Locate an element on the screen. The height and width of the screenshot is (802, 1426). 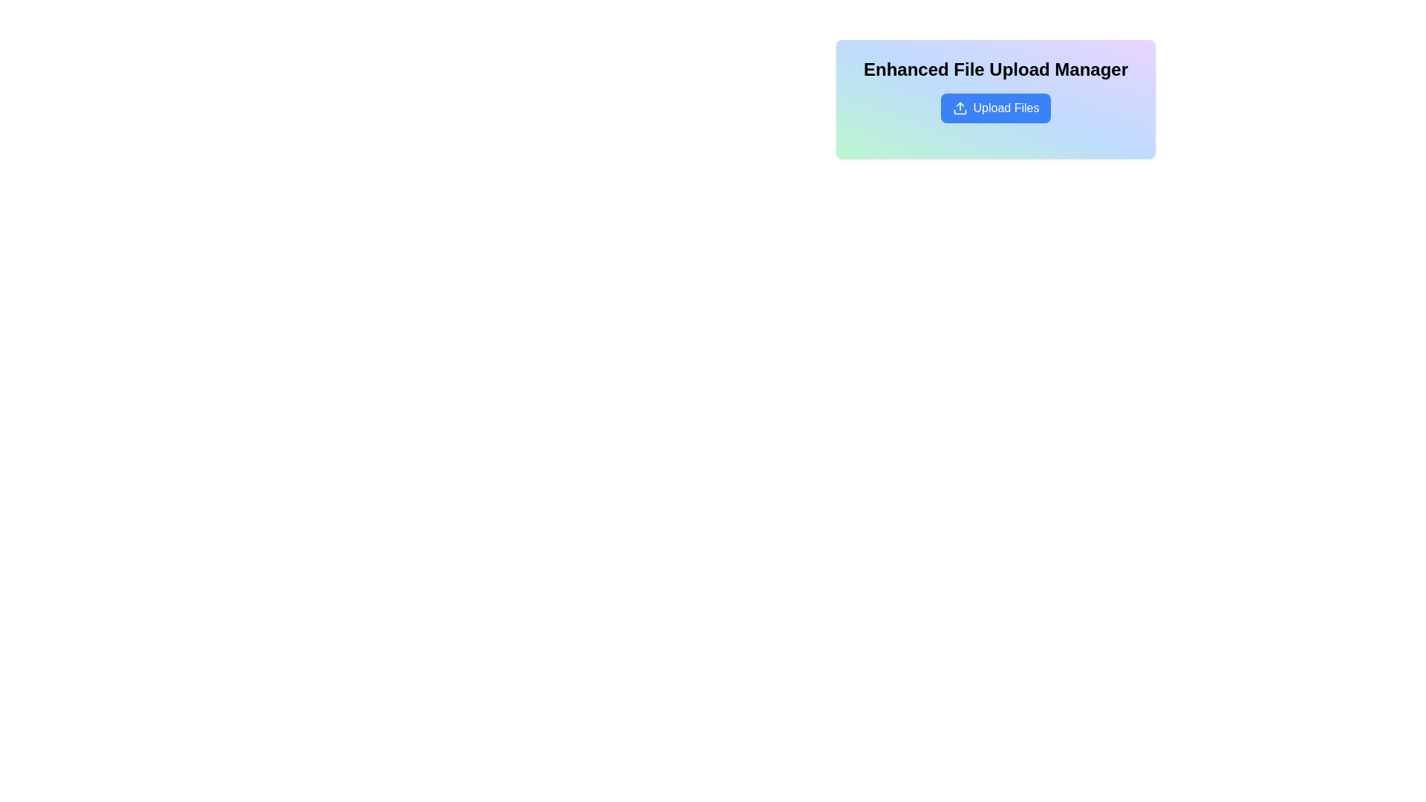
the 'Upload Files' button which is a medium-sized rectangular button with rounded corners, blue background, and white text, located in the center of the 'Enhanced File Upload Manager' card is located at coordinates (995, 108).